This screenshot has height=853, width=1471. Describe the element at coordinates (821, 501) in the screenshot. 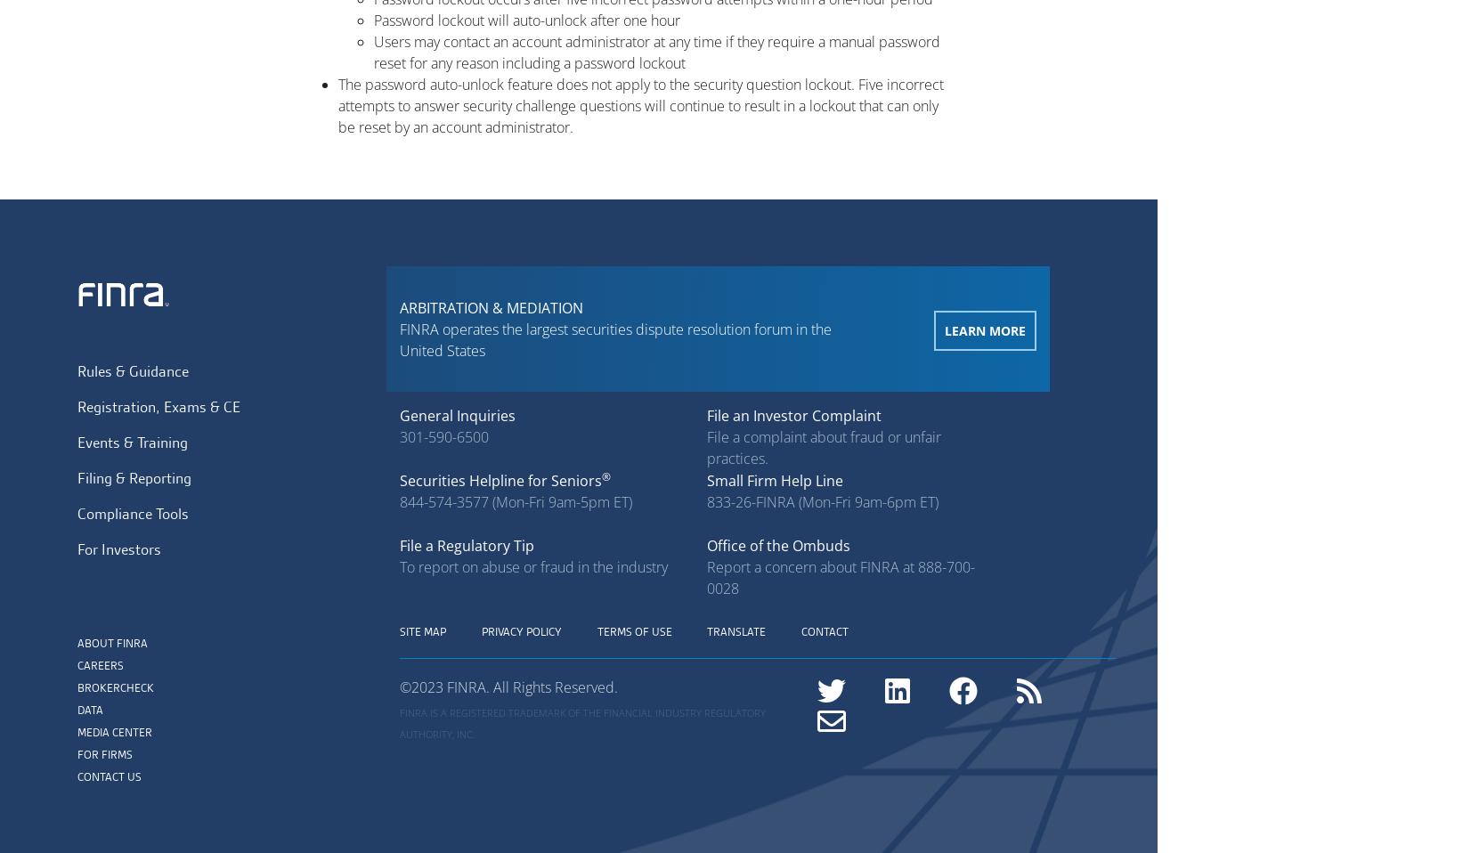

I see `'833-26-FINRA (Mon-Fri 9am-6pm ET)'` at that location.